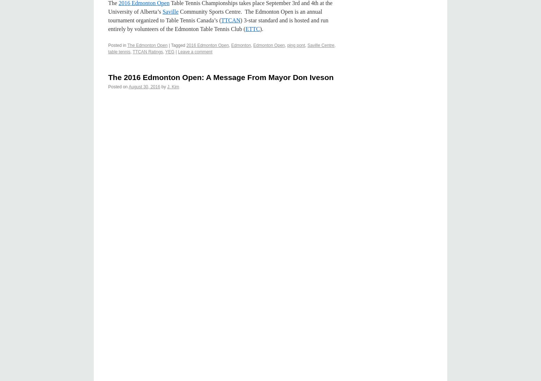 This screenshot has height=381, width=541. What do you see at coordinates (307, 45) in the screenshot?
I see `'Saville Centre'` at bounding box center [307, 45].